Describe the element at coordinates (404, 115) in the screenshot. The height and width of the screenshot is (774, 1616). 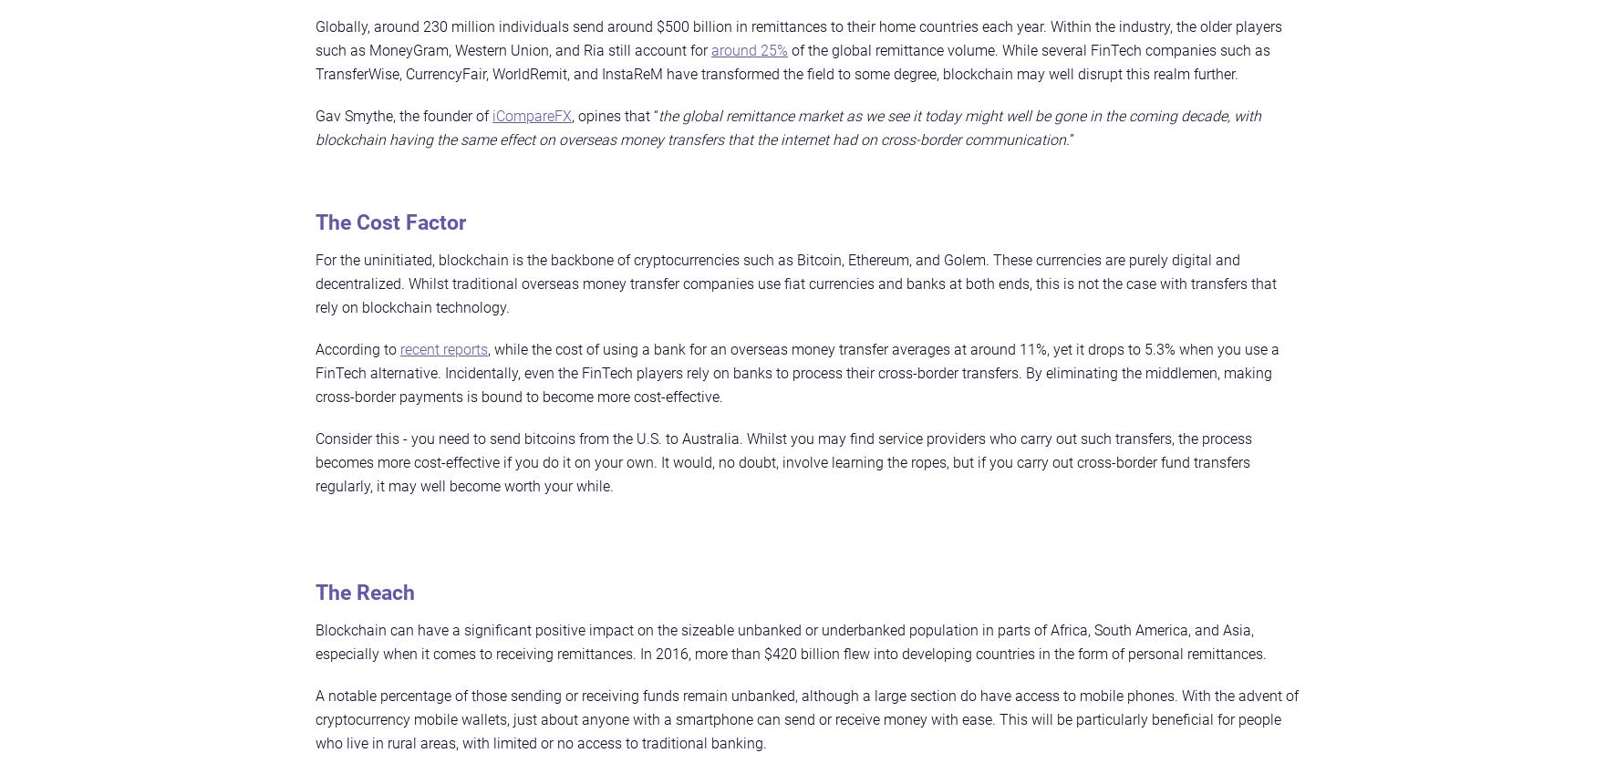
I see `'Gav Smythe, the founder of'` at that location.